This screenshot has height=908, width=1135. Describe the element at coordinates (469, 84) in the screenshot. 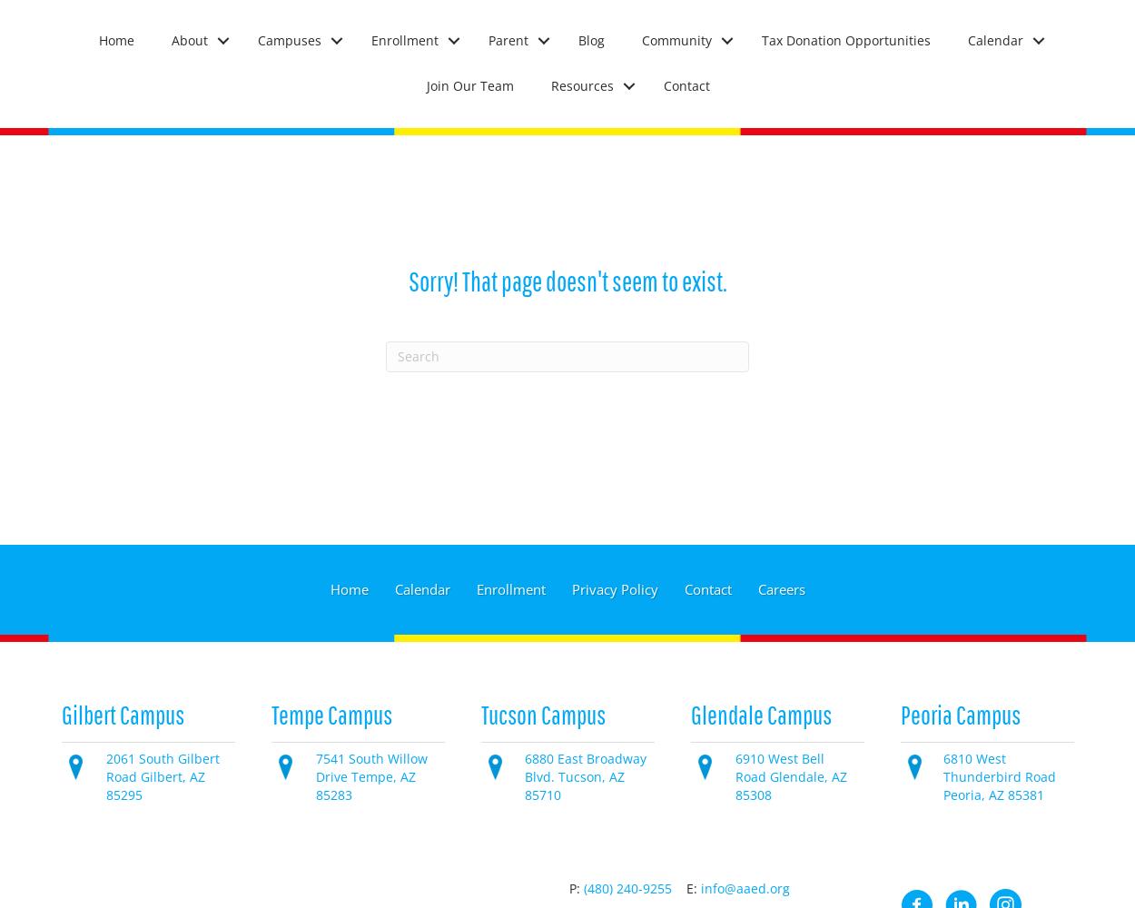

I see `'Join Our Team'` at that location.